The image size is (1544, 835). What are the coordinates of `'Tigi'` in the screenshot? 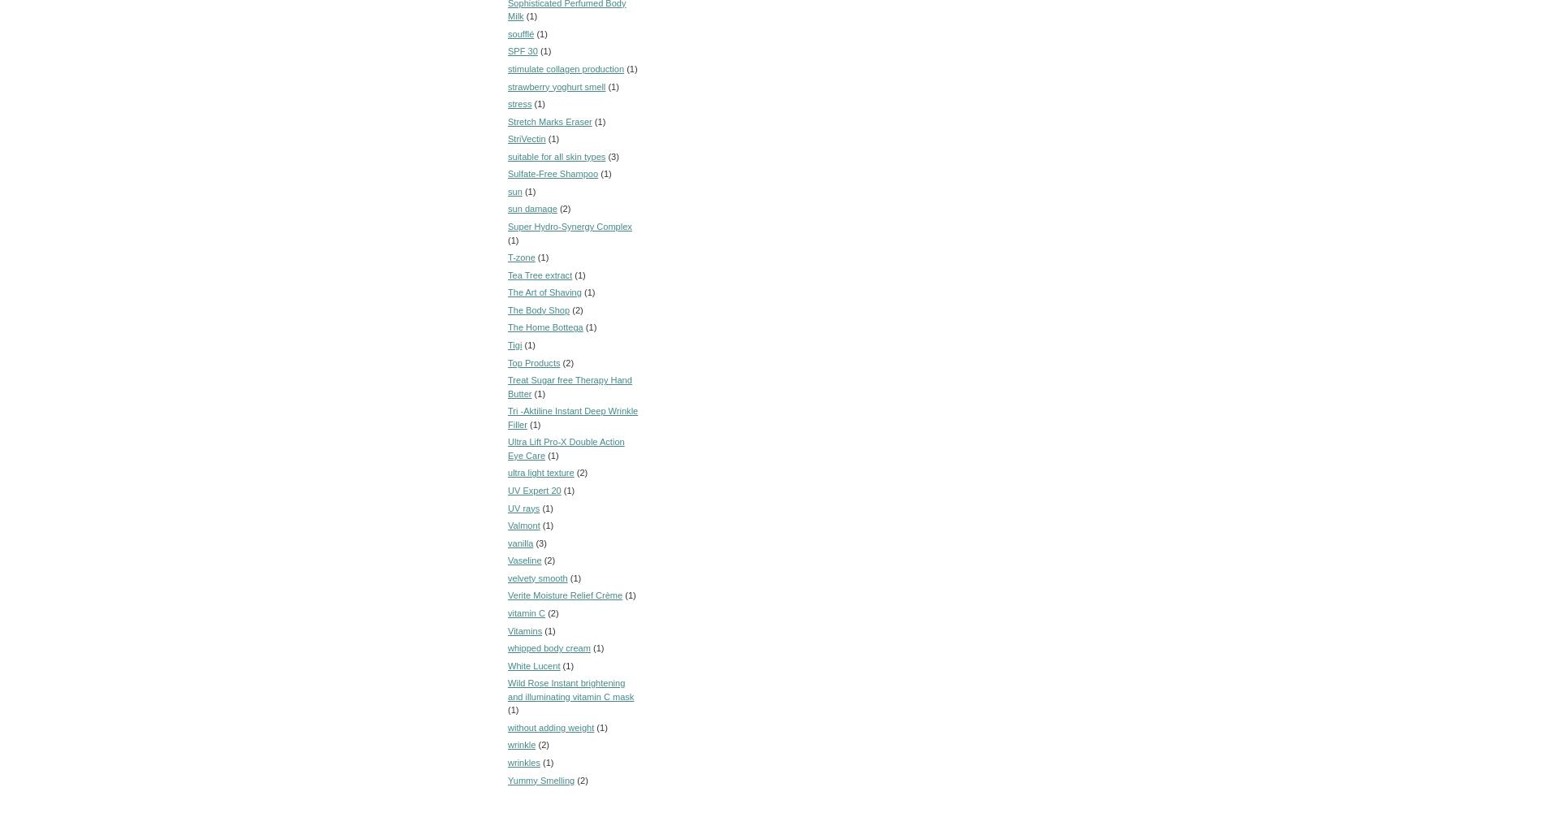 It's located at (514, 344).